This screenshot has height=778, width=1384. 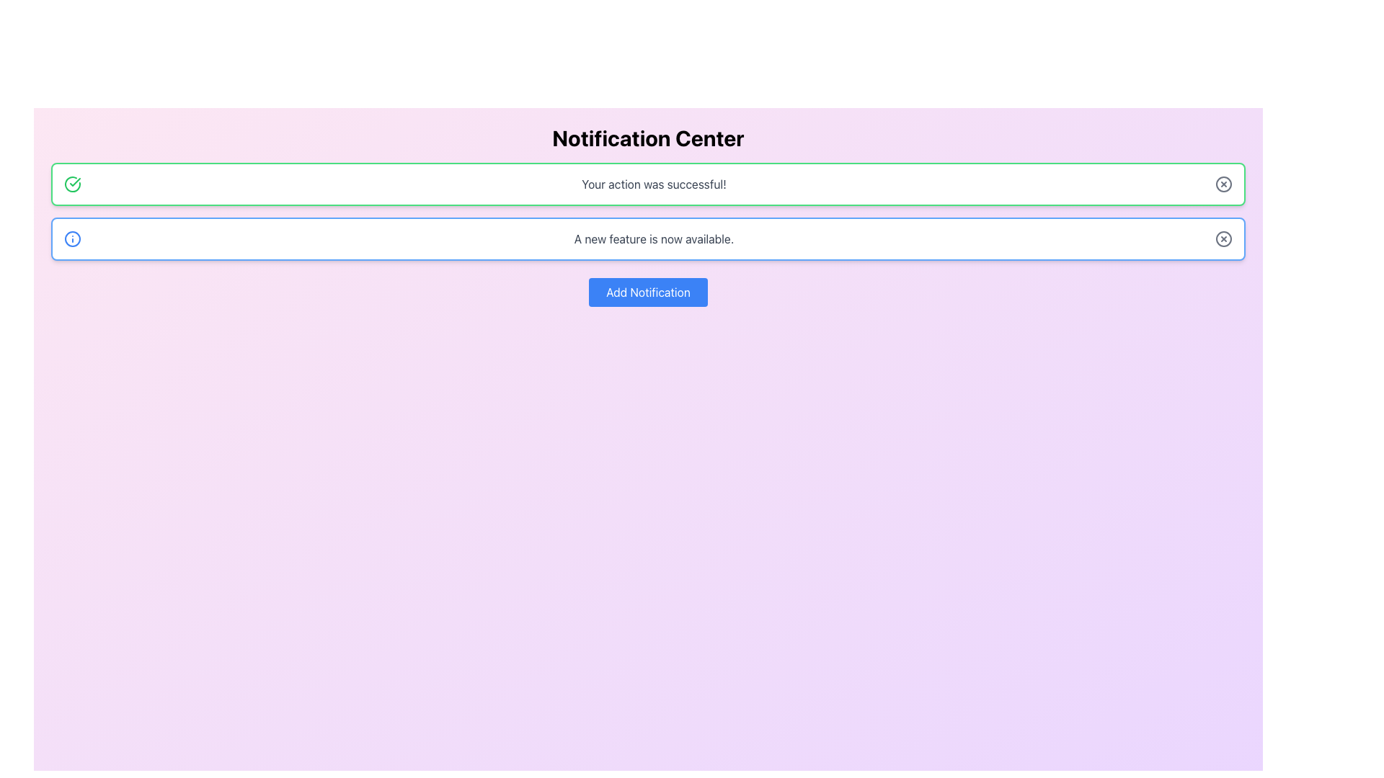 I want to click on the informational static text that notifies the user about new feature availability, located in the second notification box with a blue border and white background, so click(x=653, y=238).